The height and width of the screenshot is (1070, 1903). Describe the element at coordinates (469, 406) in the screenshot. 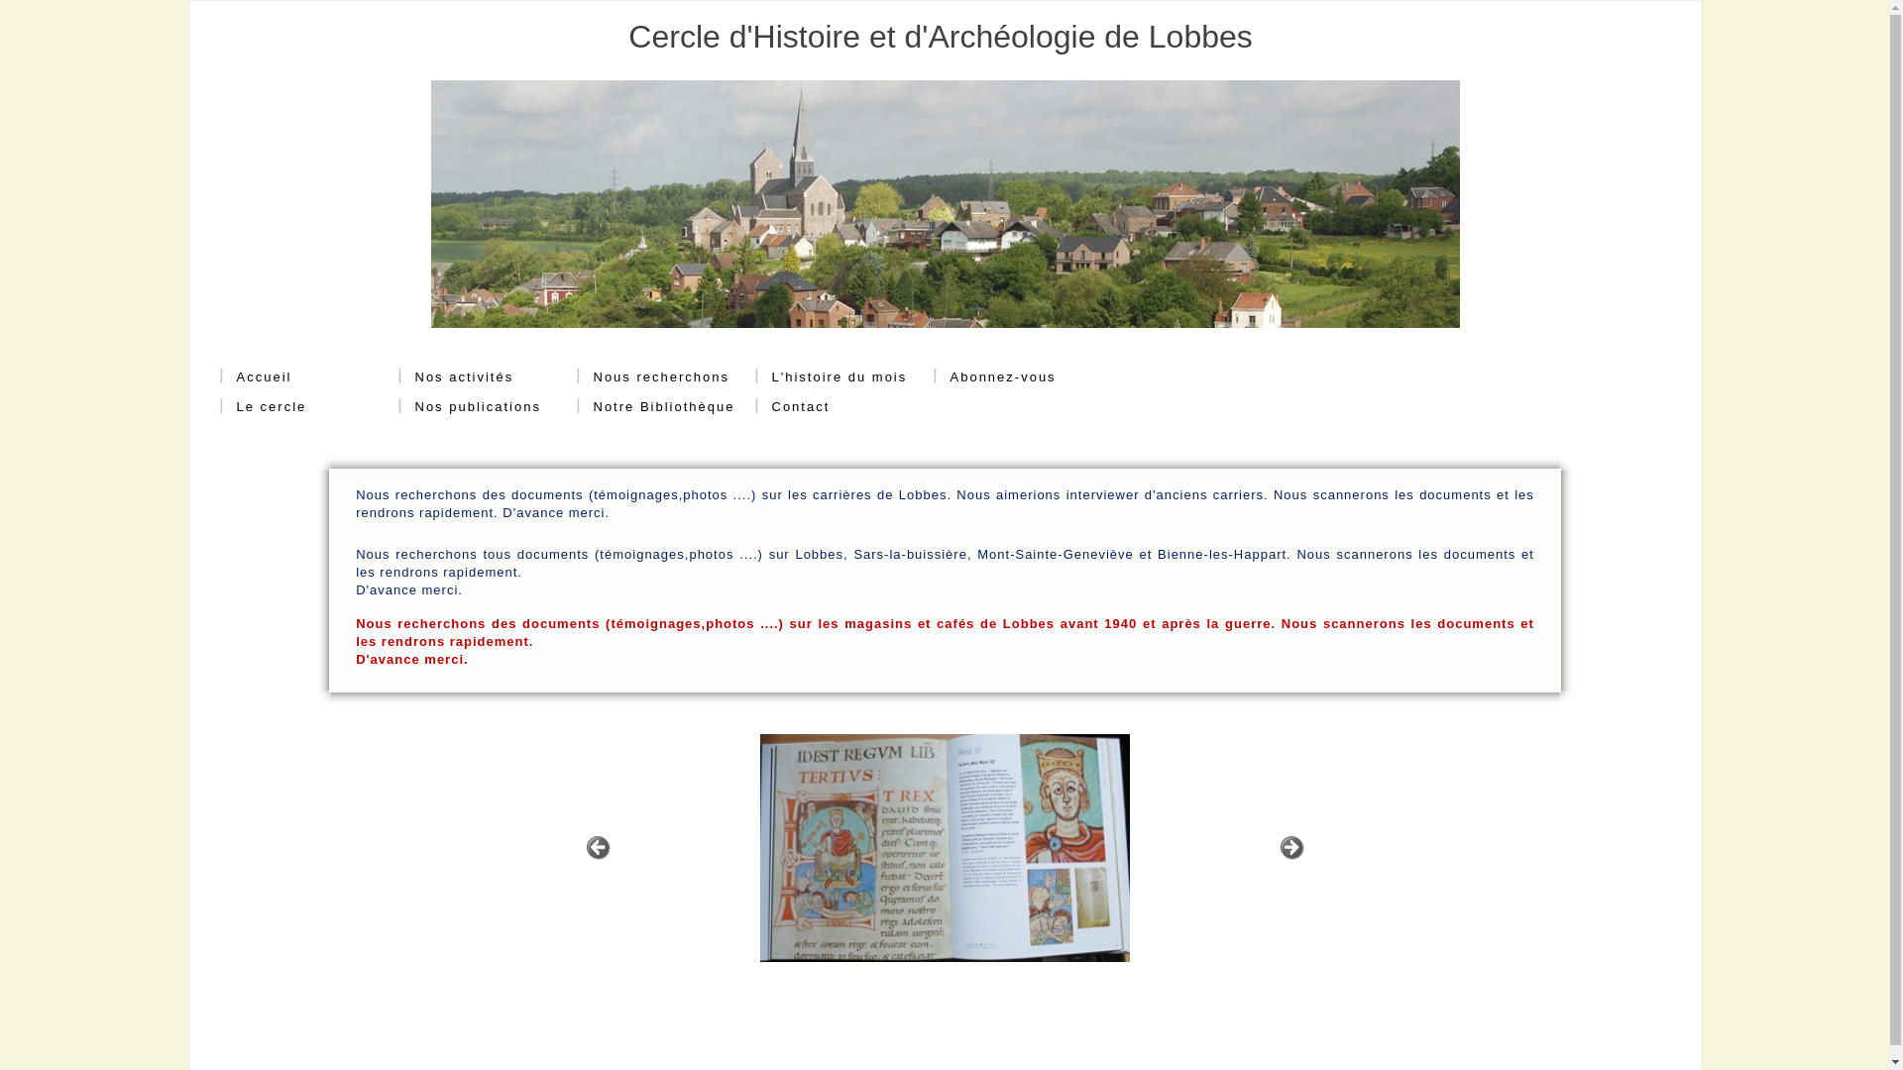

I see `'Nos publications'` at that location.